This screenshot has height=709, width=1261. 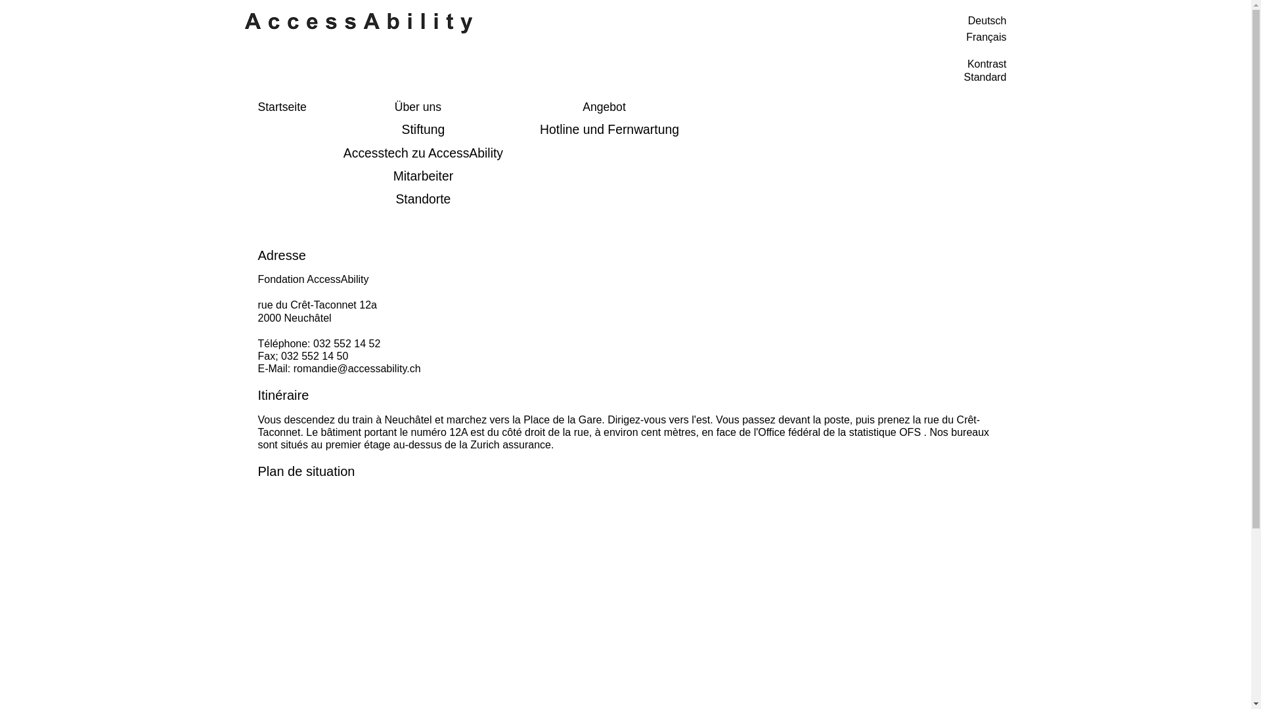 I want to click on 'Standard', so click(x=985, y=77).